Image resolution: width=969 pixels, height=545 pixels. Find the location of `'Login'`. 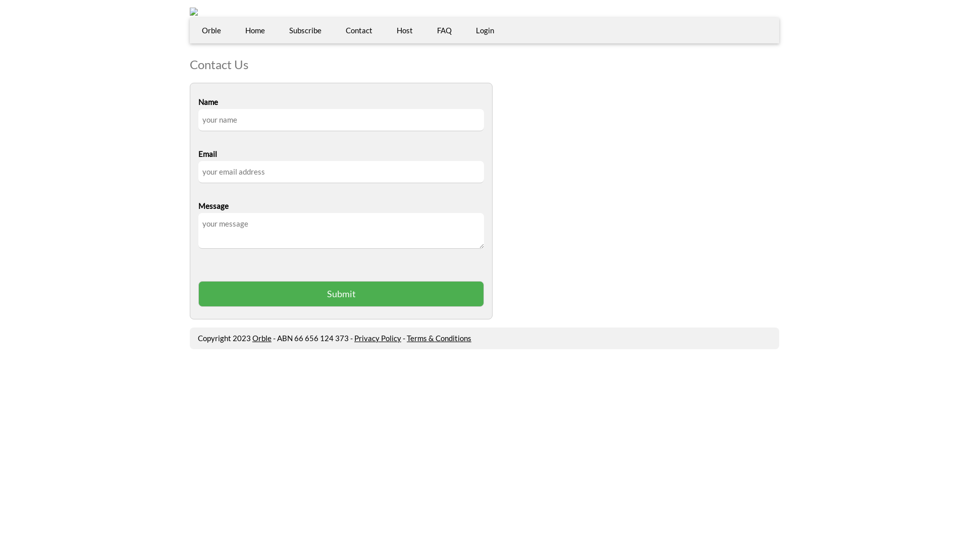

'Login' is located at coordinates (484, 30).